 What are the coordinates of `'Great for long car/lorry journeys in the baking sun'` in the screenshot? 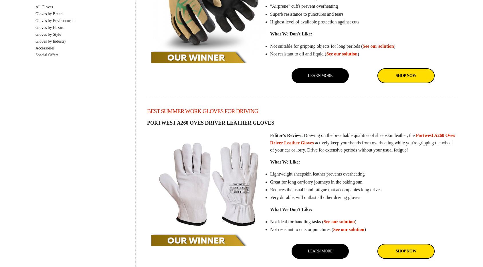 It's located at (316, 182).